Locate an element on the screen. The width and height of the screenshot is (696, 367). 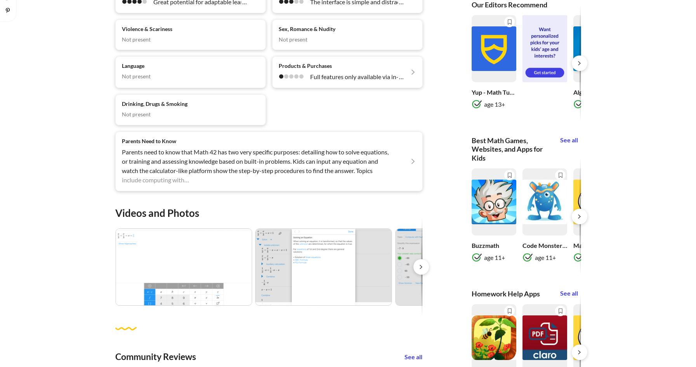
'Community Reviews' is located at coordinates (155, 356).